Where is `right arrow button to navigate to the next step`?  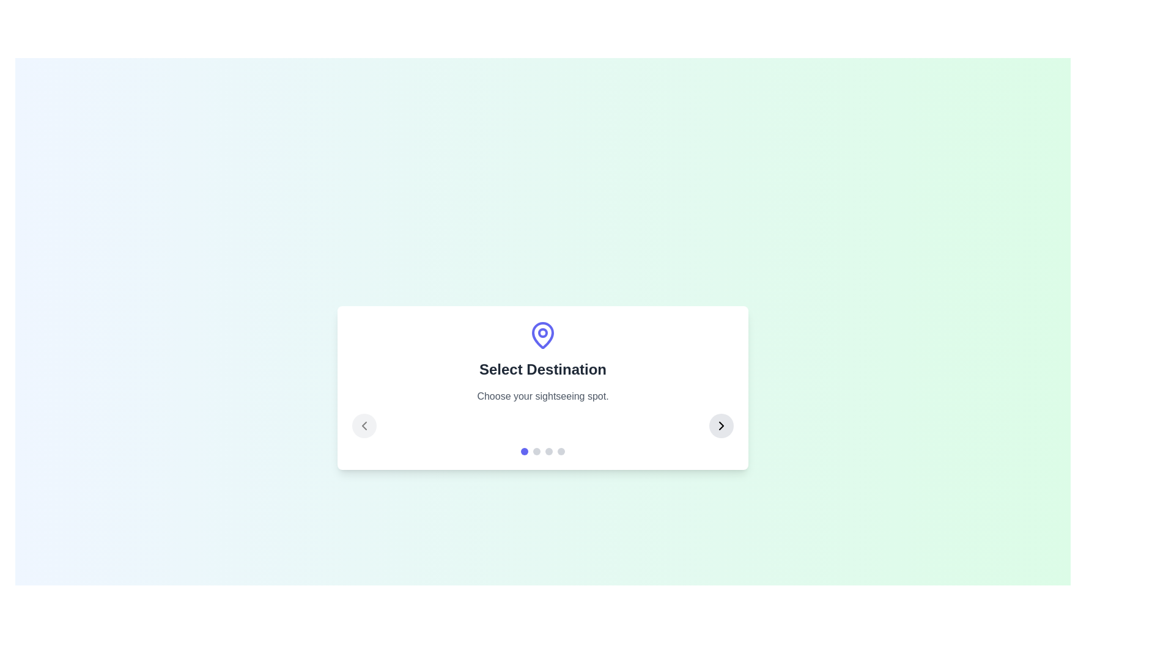
right arrow button to navigate to the next step is located at coordinates (722, 425).